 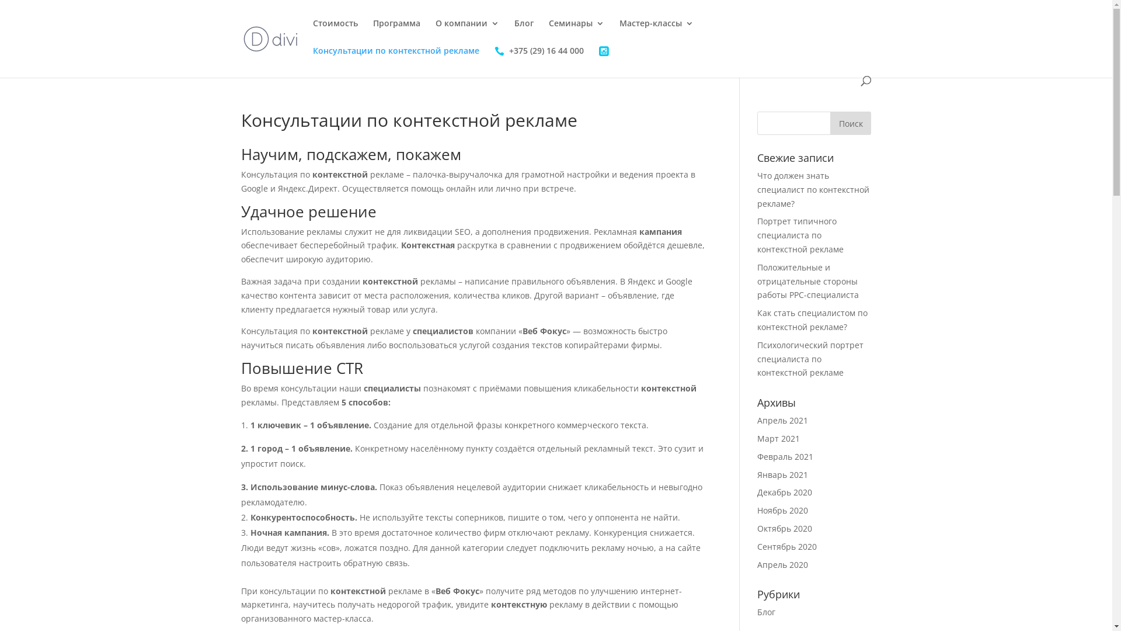 What do you see at coordinates (538, 61) in the screenshot?
I see `'+375 (29) 16 44 000'` at bounding box center [538, 61].